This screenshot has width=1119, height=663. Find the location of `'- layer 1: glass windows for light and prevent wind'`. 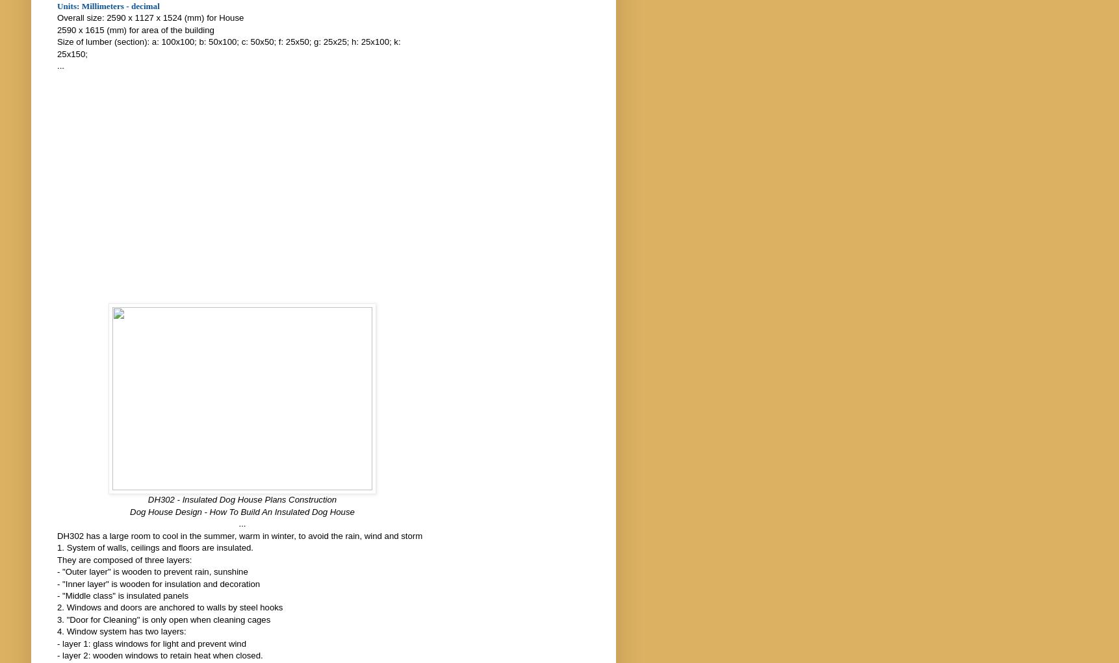

'- layer 1: glass windows for light and prevent wind' is located at coordinates (56, 643).